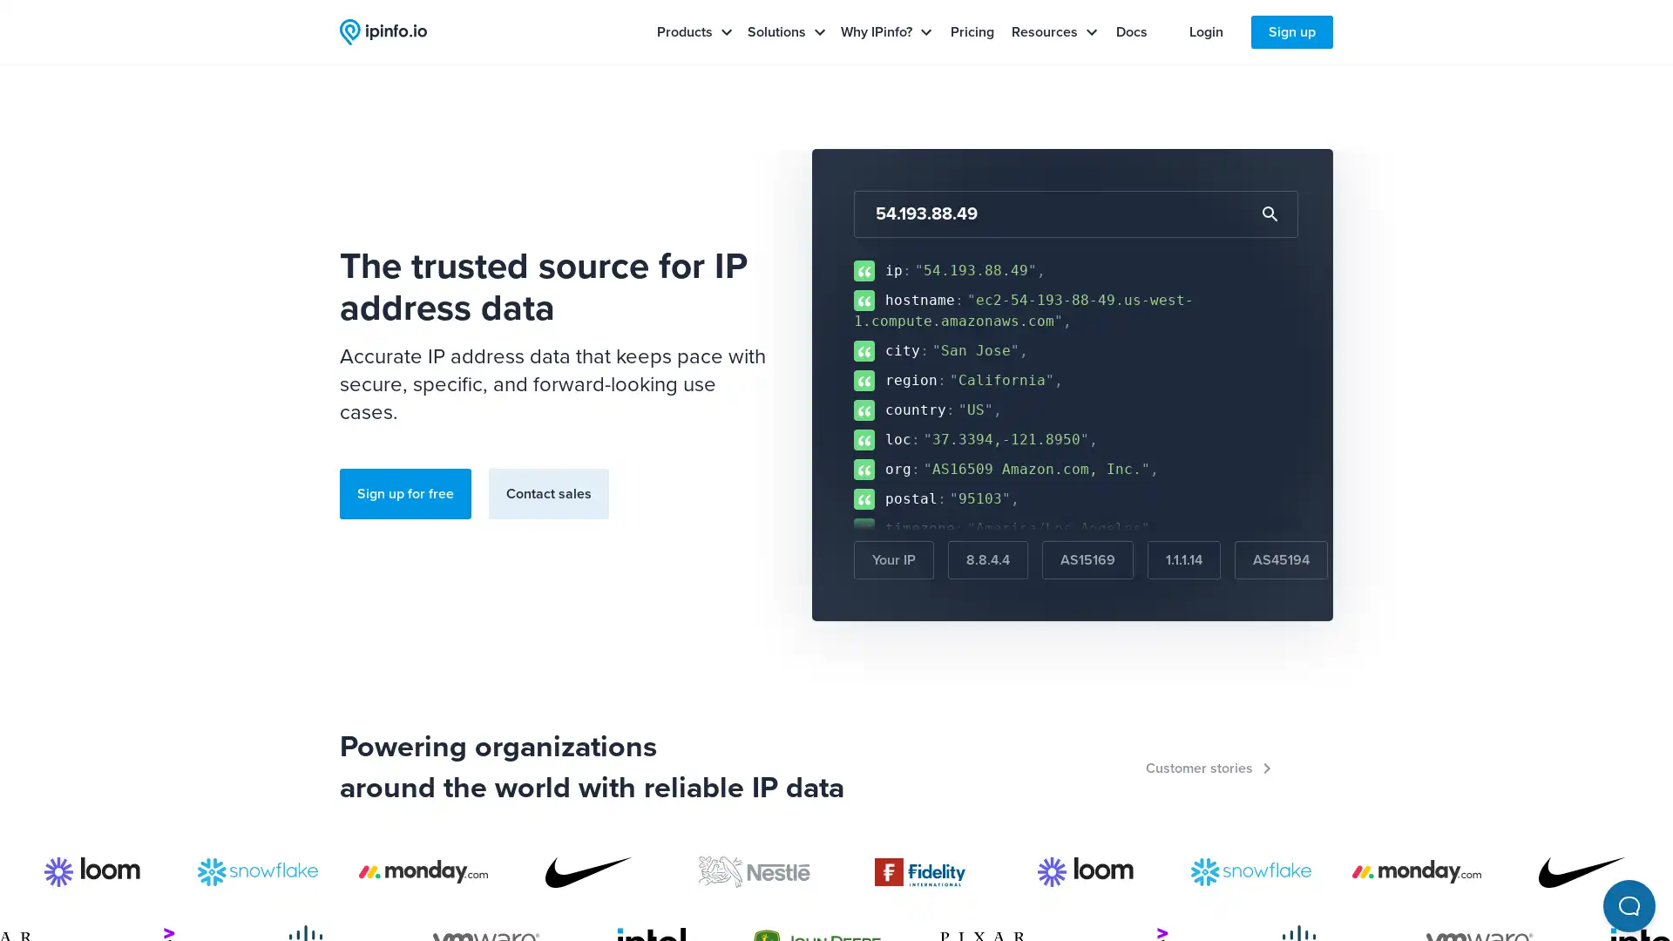 Image resolution: width=1673 pixels, height=941 pixels. What do you see at coordinates (1281, 560) in the screenshot?
I see `AS45194` at bounding box center [1281, 560].